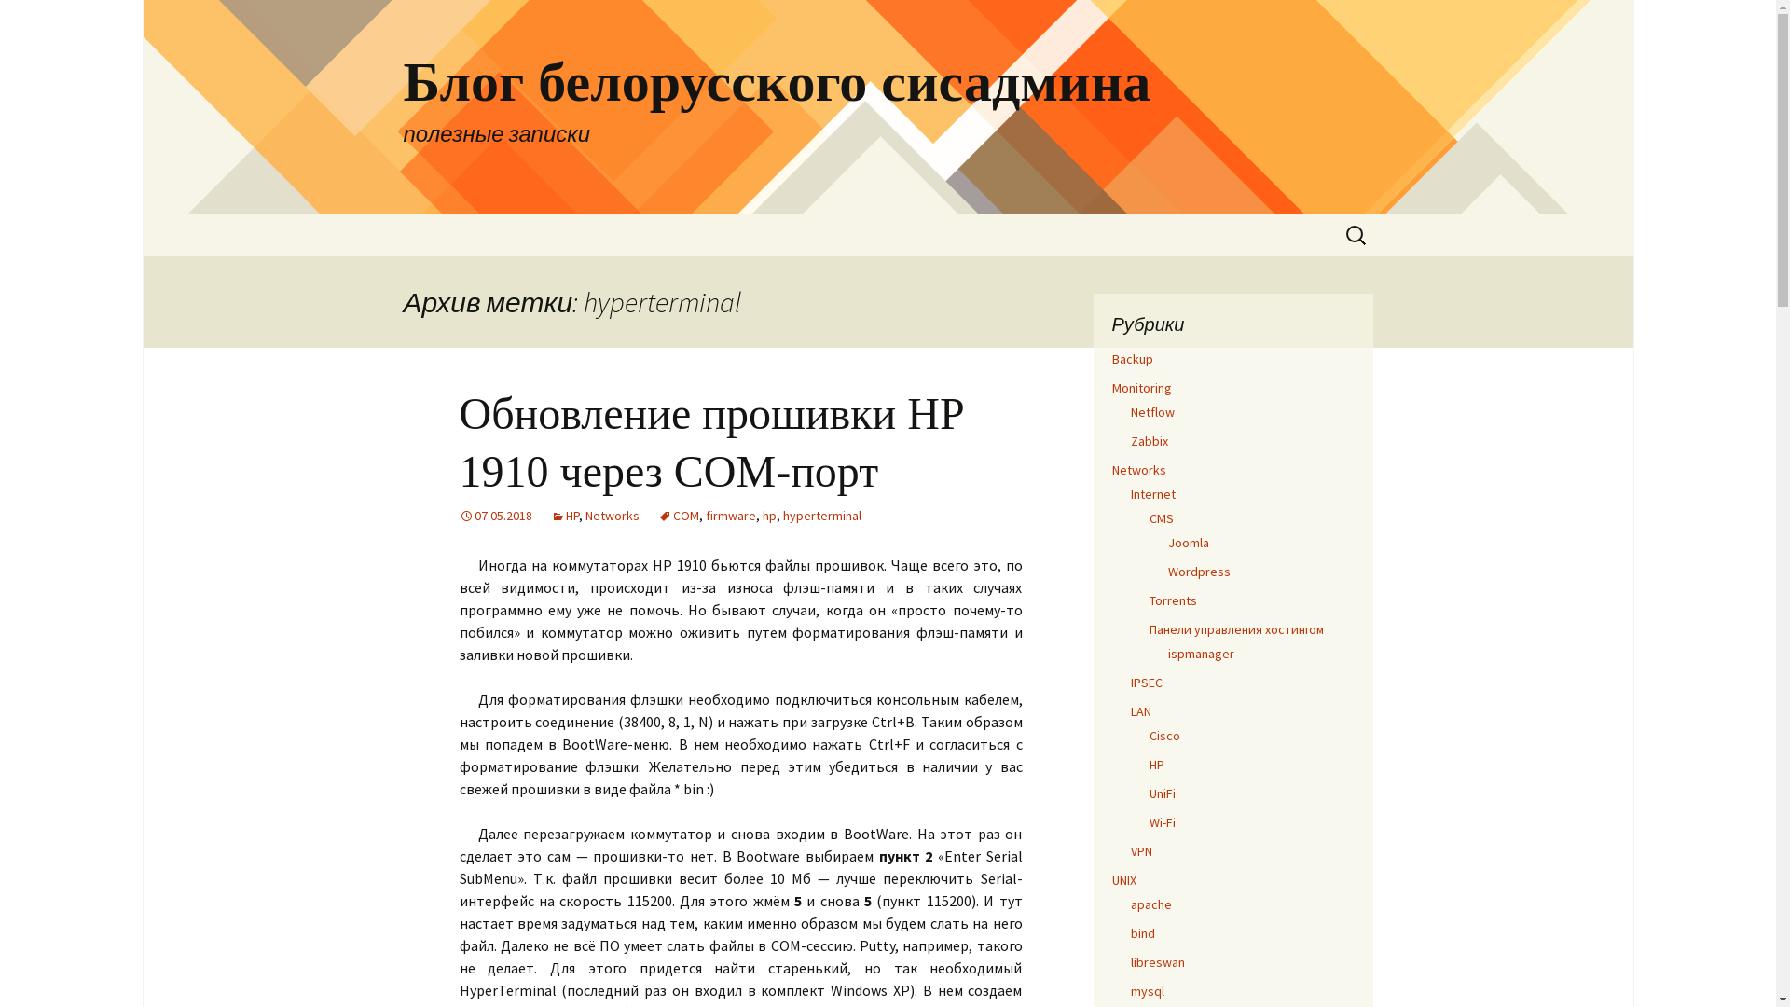  I want to click on 'Torrents', so click(1171, 600).